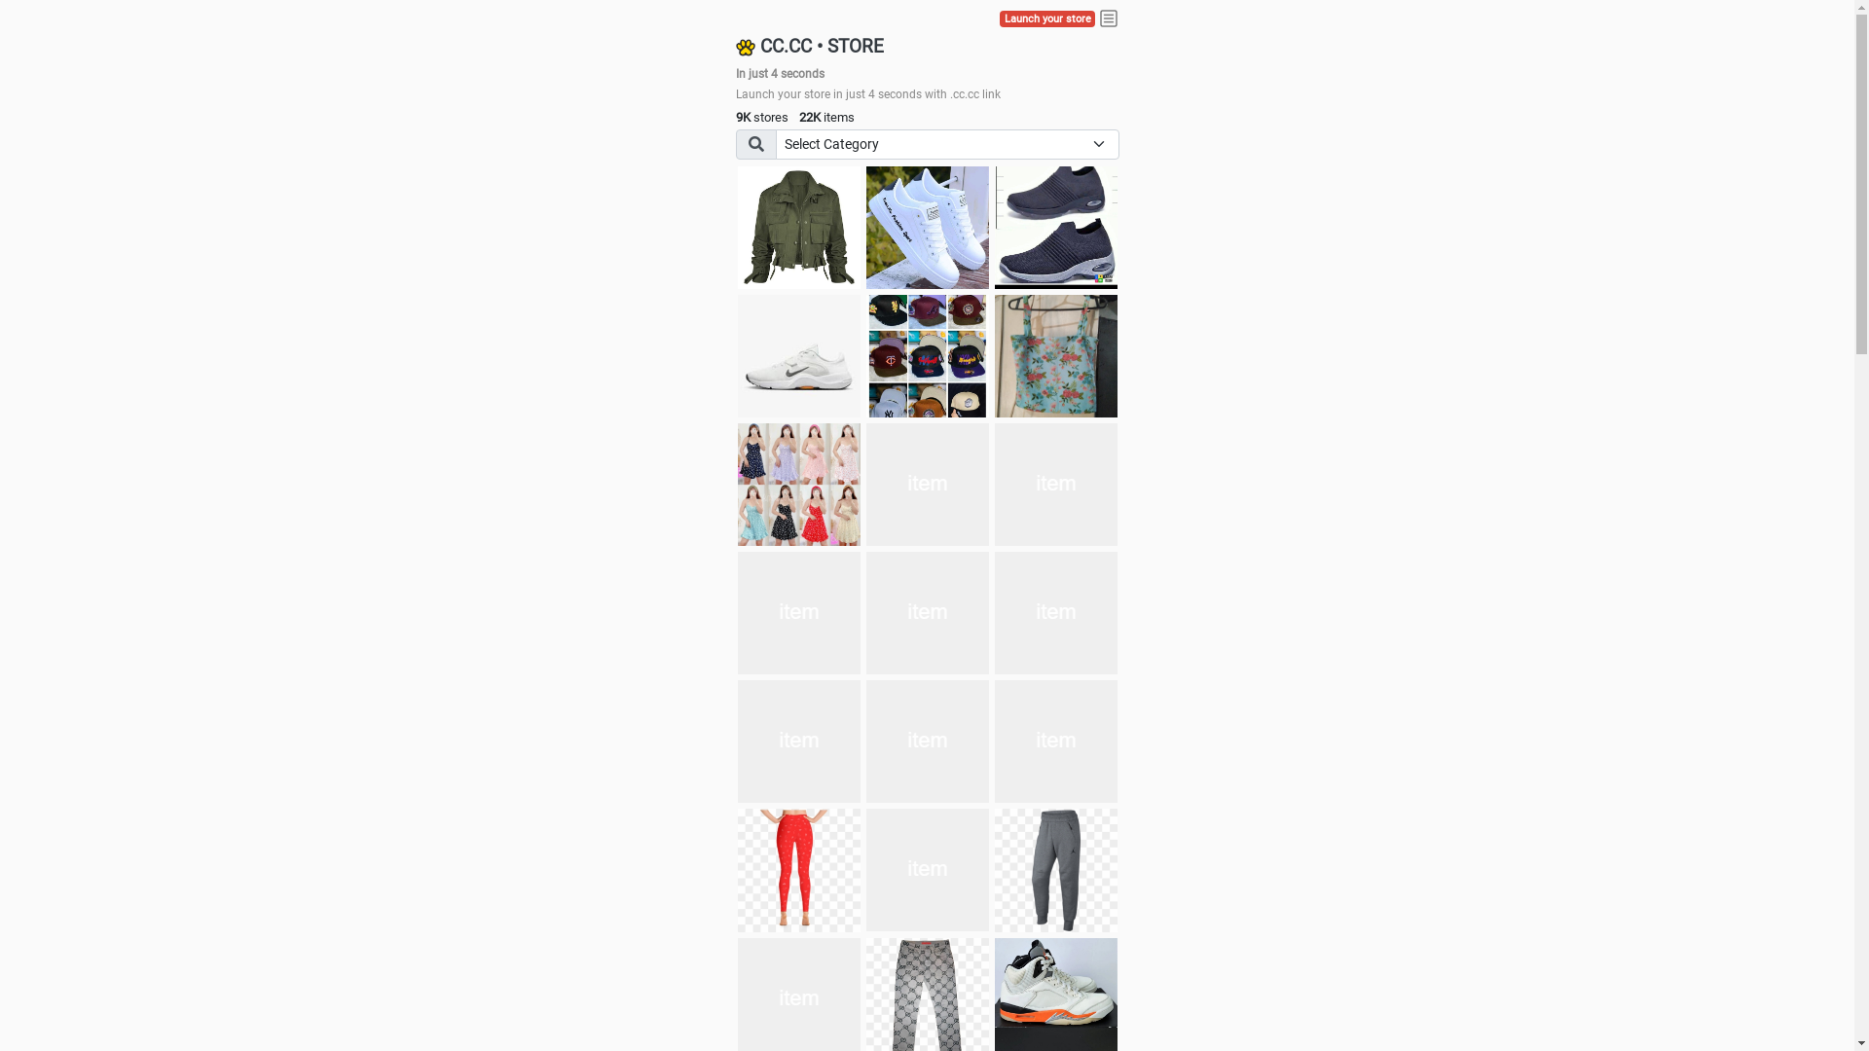 The image size is (1869, 1051). What do you see at coordinates (1054, 356) in the screenshot?
I see `'Ukay cloth'` at bounding box center [1054, 356].